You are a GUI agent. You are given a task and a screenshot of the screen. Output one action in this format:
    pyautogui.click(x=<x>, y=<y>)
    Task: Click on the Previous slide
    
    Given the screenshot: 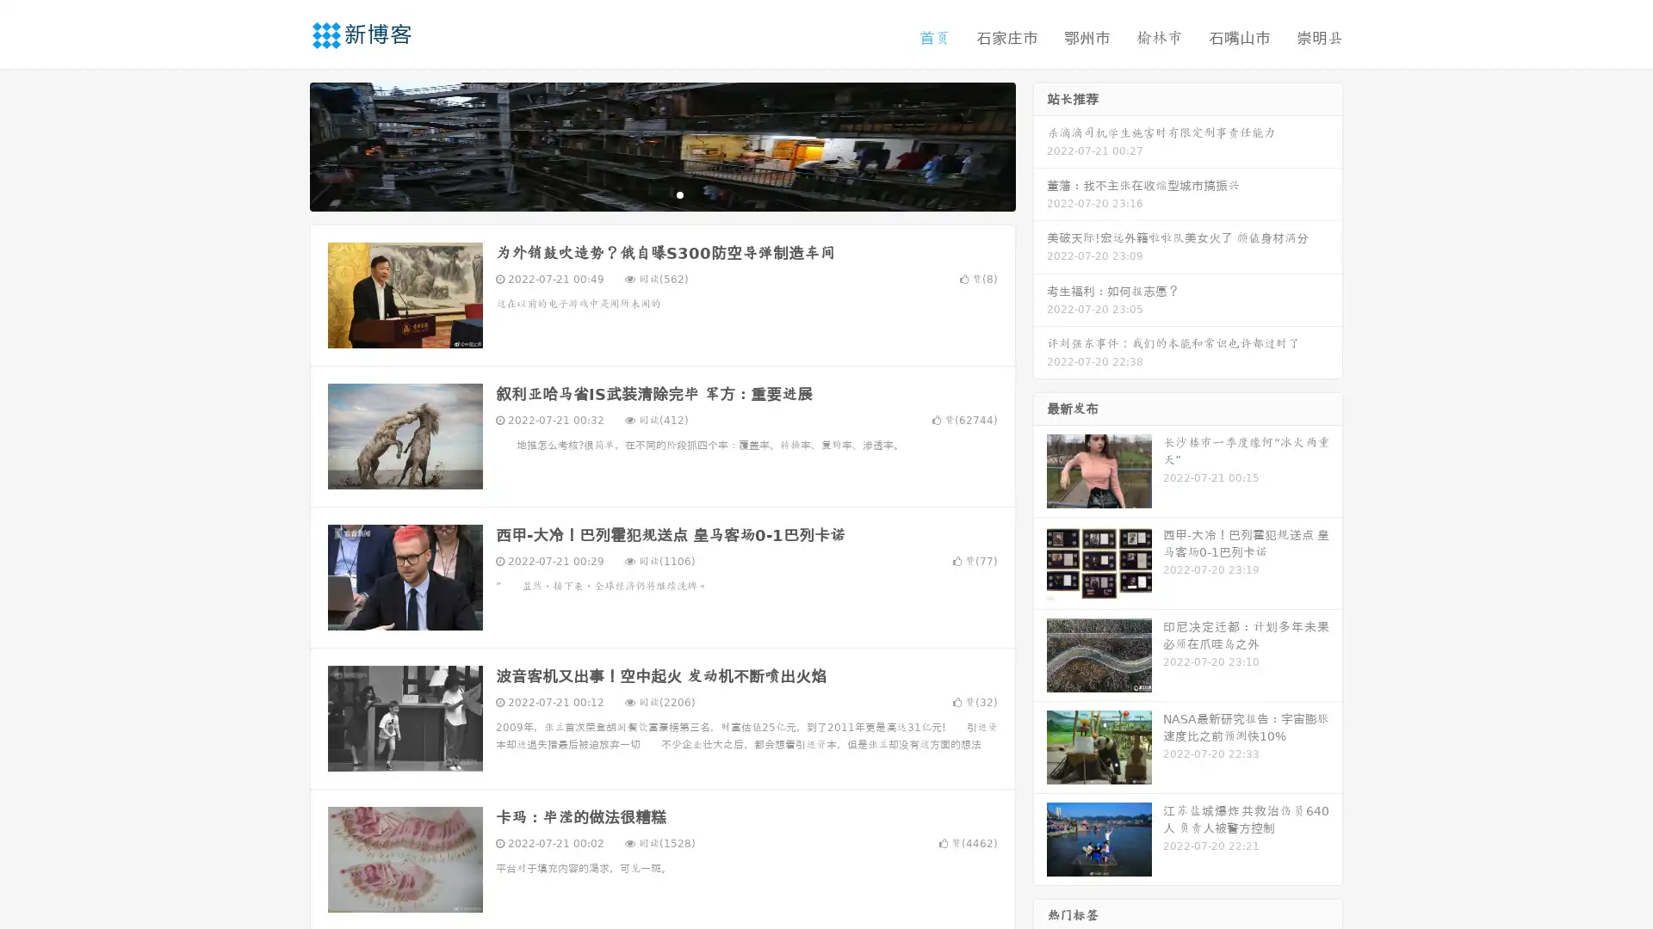 What is the action you would take?
    pyautogui.click(x=284, y=145)
    